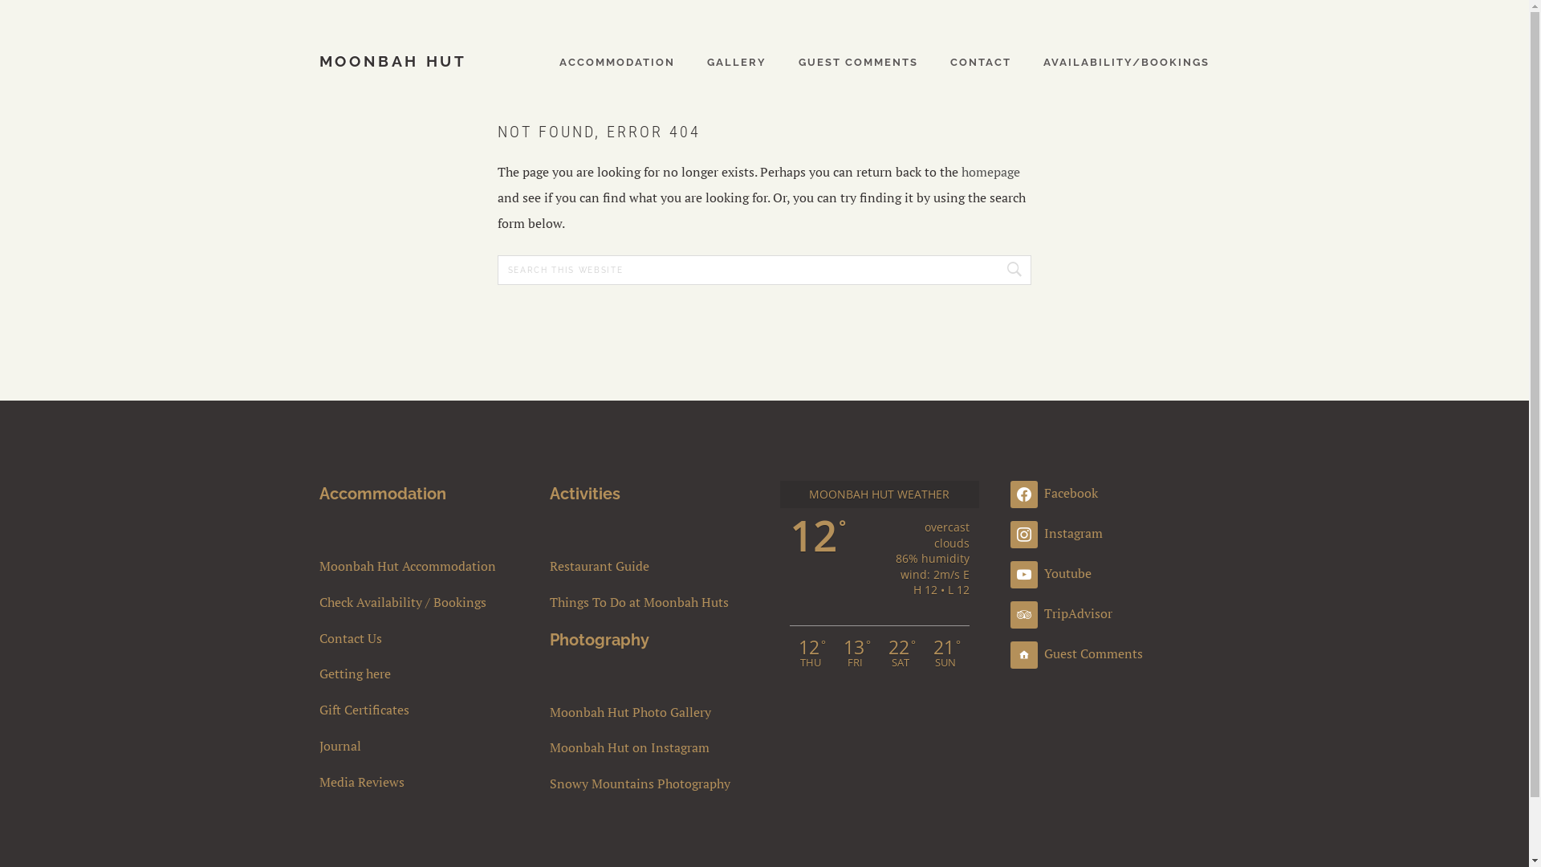  I want to click on 'Moonbah Hut Photo Gallery', so click(649, 711).